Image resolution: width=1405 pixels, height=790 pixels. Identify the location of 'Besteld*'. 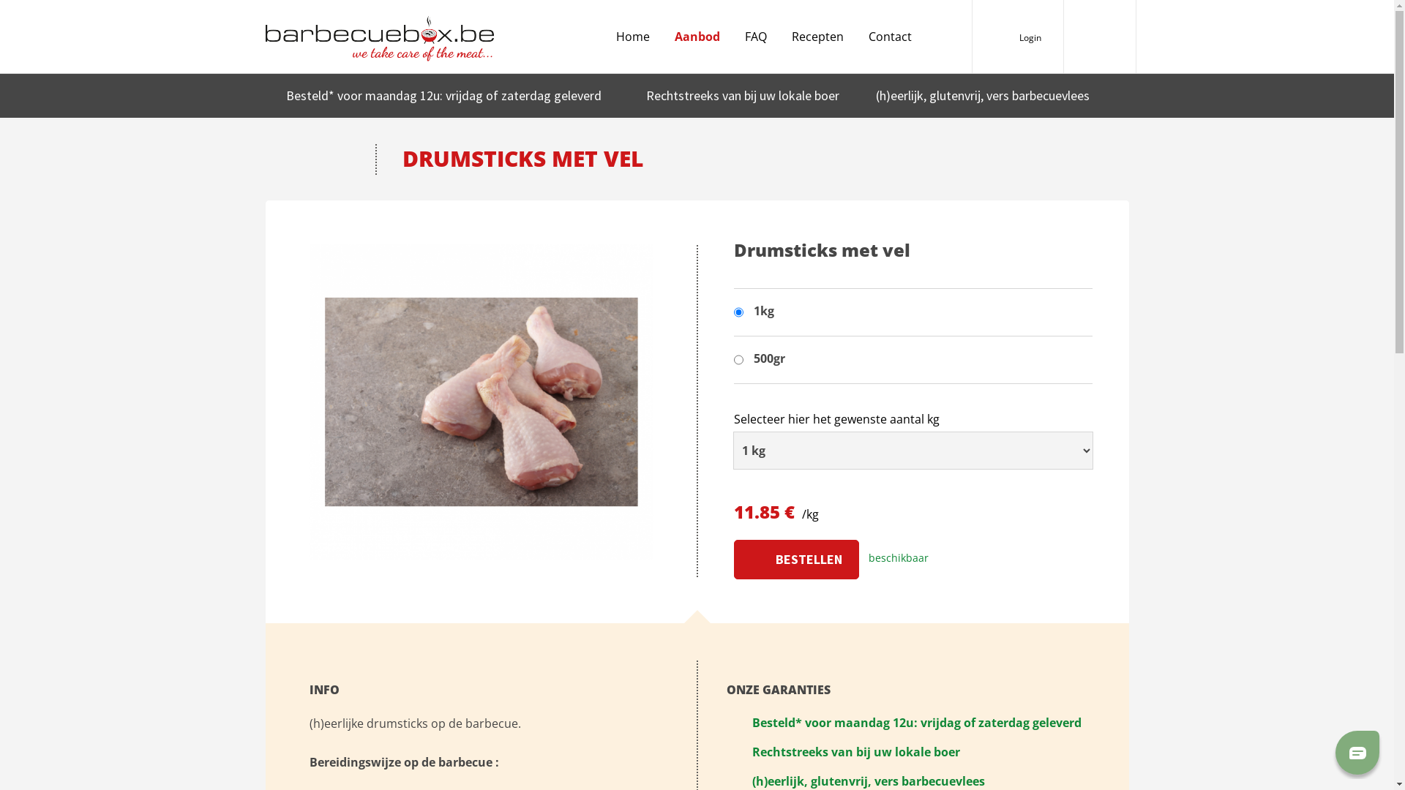
(285, 95).